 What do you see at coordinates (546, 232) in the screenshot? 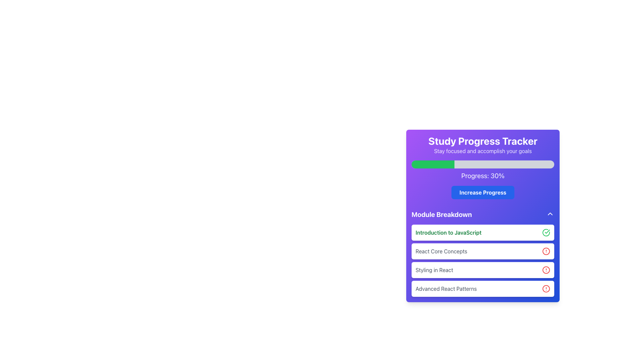
I see `the circular graphical component with a green border and a checkmark inside it, located at the right end of the row labeled 'Introduction to JavaScript', to mark the module as complete` at bounding box center [546, 232].